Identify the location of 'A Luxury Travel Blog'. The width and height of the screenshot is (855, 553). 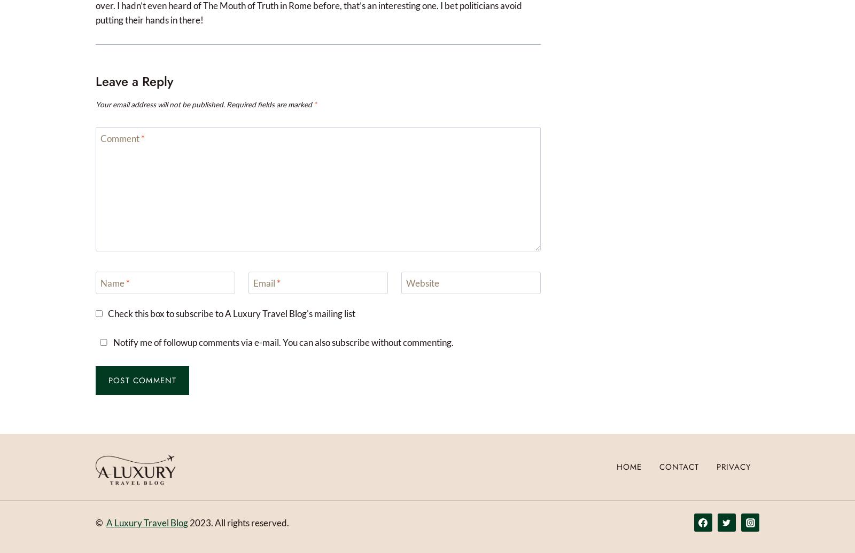
(147, 522).